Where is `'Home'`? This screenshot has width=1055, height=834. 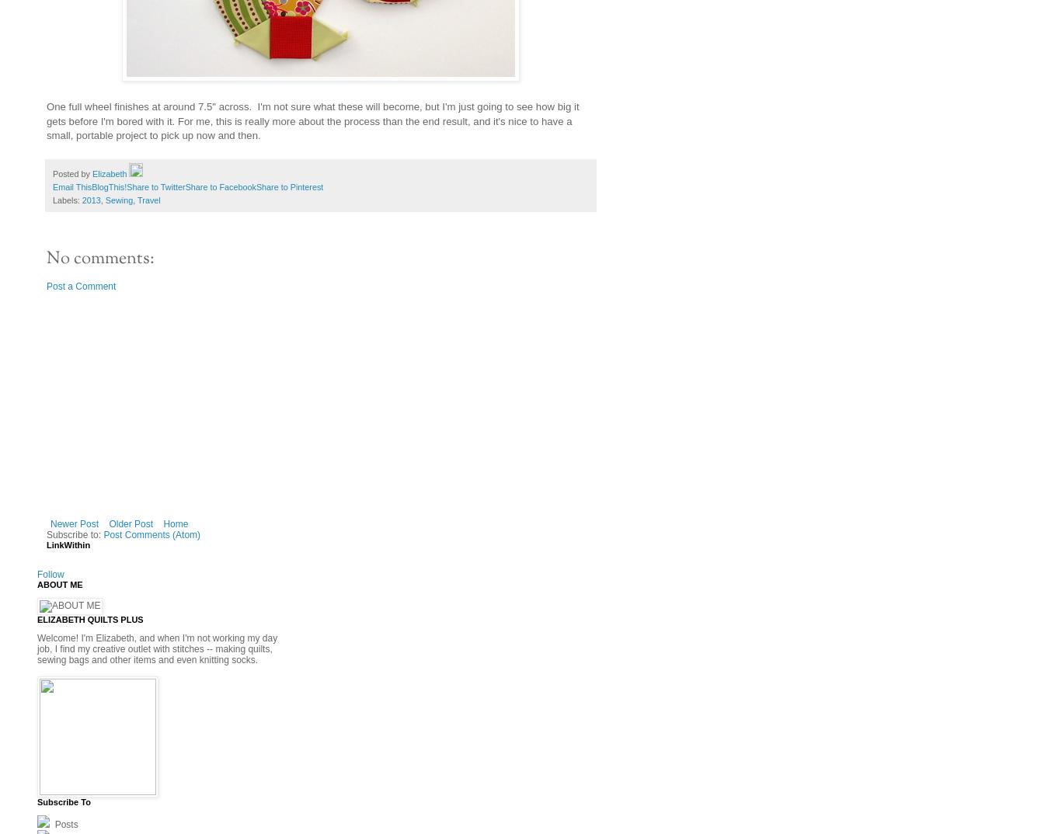
'Home' is located at coordinates (174, 523).